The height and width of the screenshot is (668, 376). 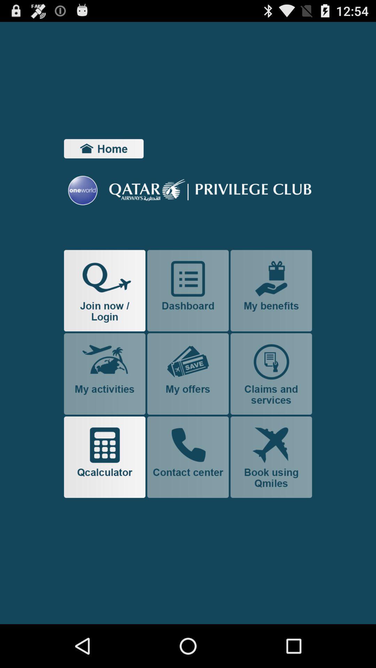 I want to click on home, so click(x=104, y=148).